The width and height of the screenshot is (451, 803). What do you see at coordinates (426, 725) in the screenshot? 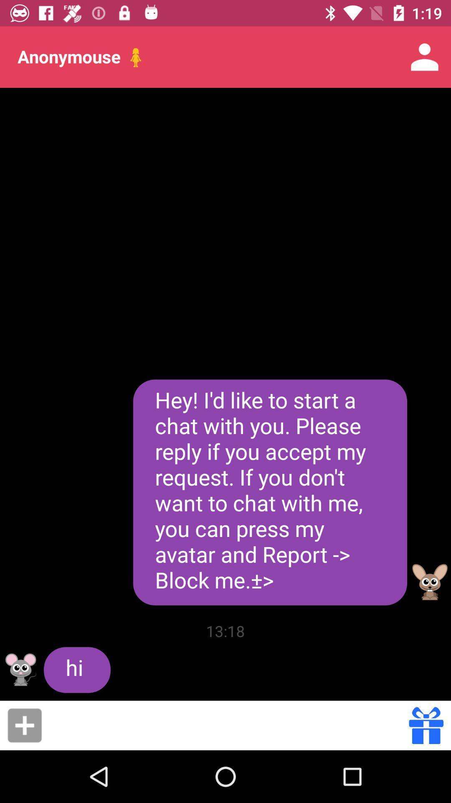
I see `the gift icon` at bounding box center [426, 725].